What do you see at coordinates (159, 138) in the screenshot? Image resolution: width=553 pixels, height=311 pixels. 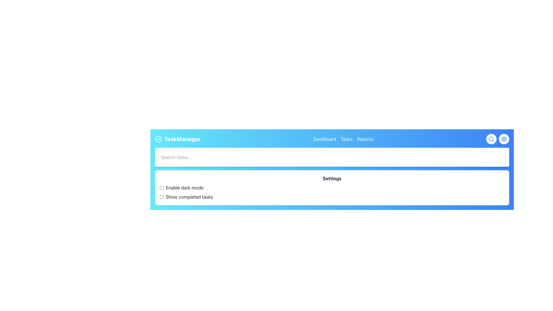 I see `the checkmark icon that represents confirmation or success, which is centrally positioned within a circular icon` at bounding box center [159, 138].